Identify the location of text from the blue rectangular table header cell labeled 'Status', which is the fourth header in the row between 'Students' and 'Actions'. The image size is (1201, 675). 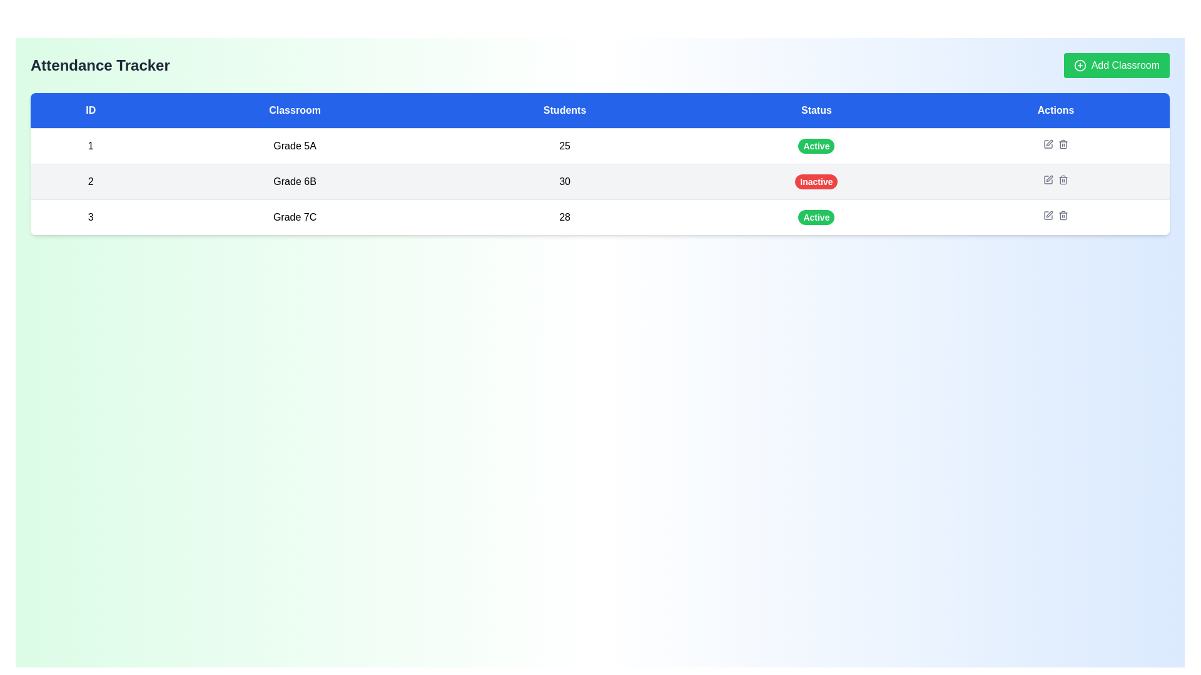
(816, 110).